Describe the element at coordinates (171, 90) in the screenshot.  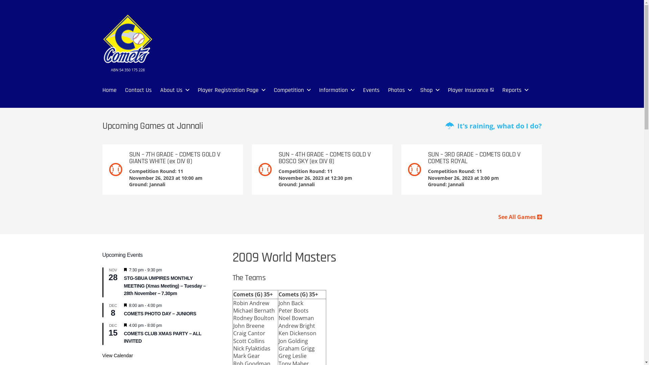
I see `'About Us'` at that location.